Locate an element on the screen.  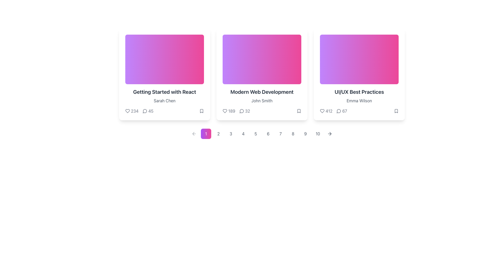
the first button in the horizontal list for navigation or selection, which represents the action associated with '1' is located at coordinates (206, 133).